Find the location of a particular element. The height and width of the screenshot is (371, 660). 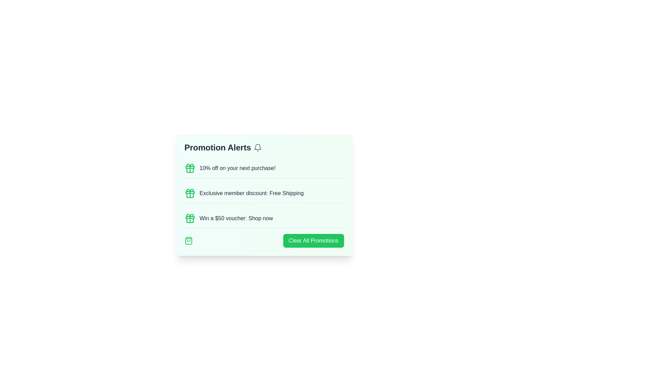

an individual promotion within the List of promotional items located in the 'Promotion Alerts' section is located at coordinates (264, 203).